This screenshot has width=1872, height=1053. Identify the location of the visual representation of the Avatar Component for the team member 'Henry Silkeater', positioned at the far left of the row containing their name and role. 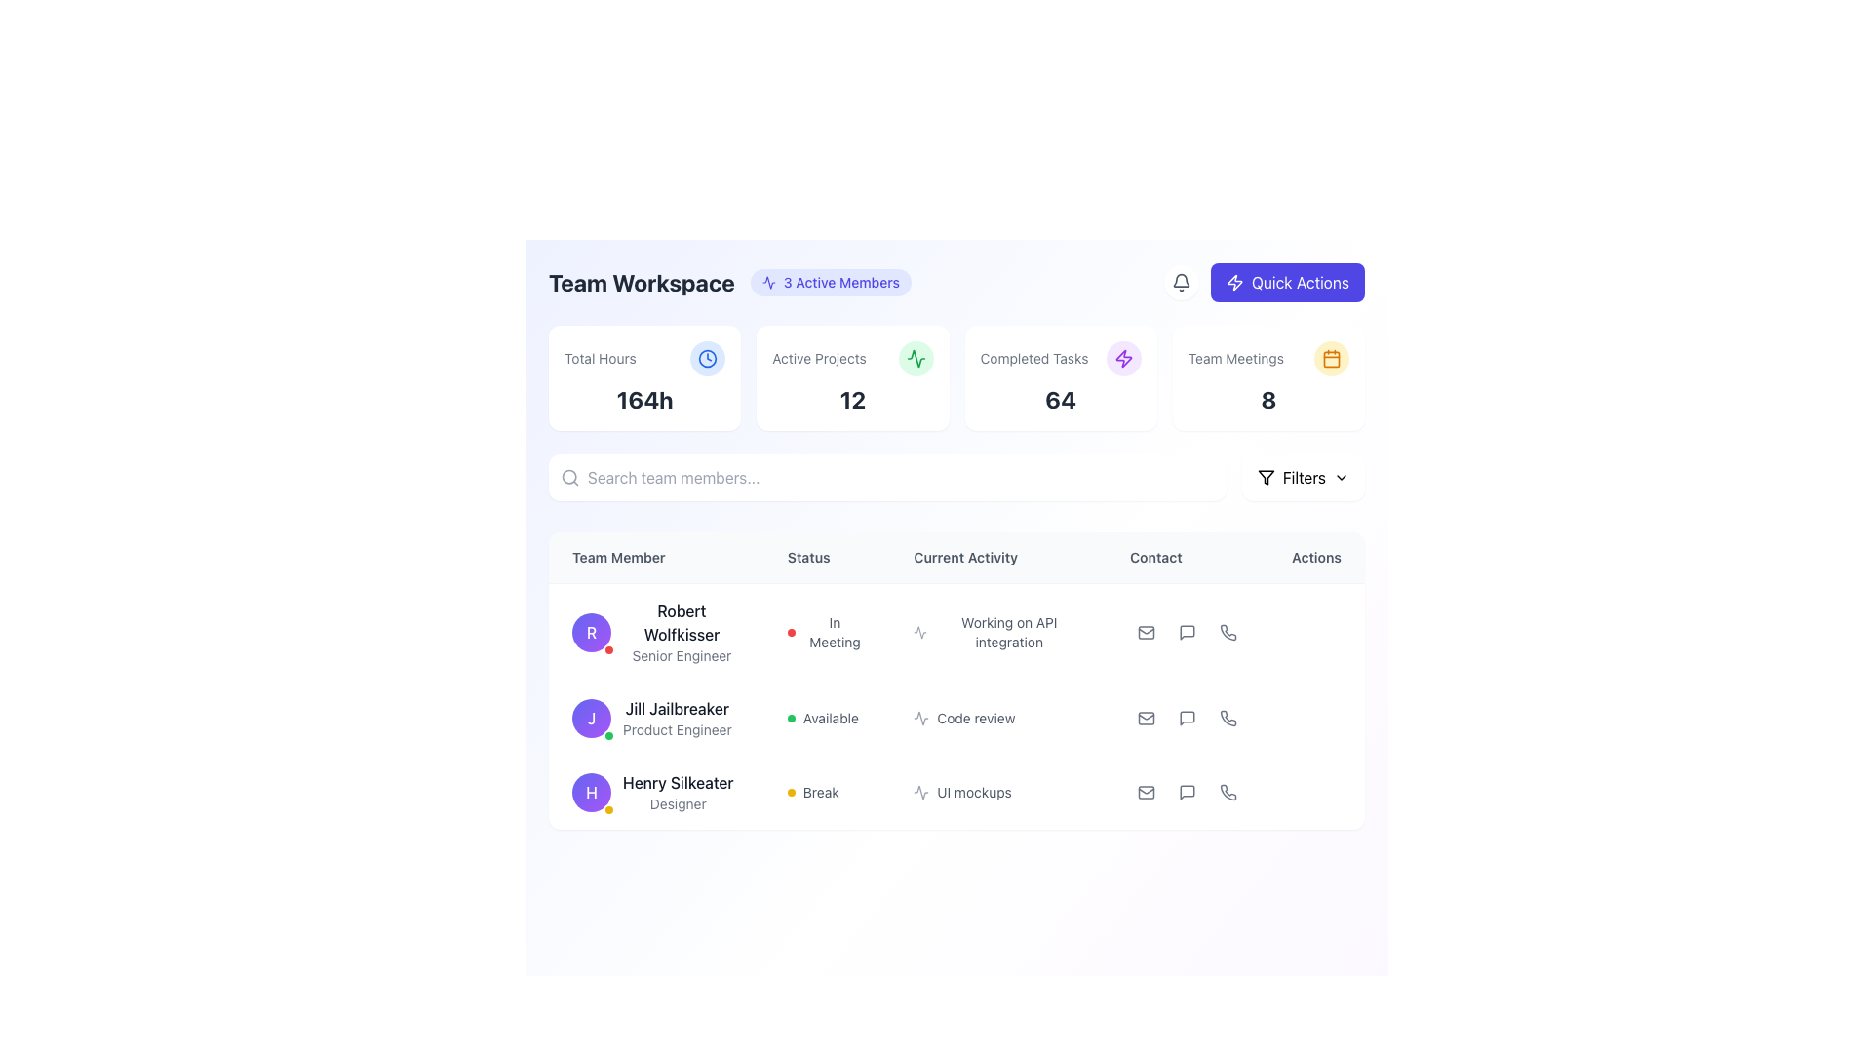
(590, 793).